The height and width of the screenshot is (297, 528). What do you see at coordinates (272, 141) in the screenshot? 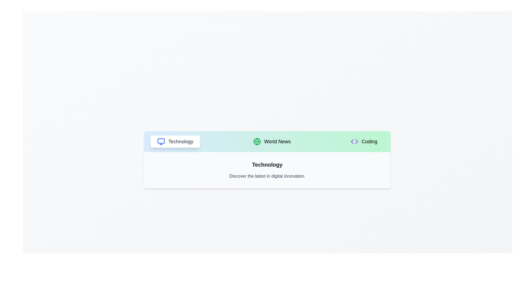
I see `the tab labeled World News to inspect its icon and label` at bounding box center [272, 141].